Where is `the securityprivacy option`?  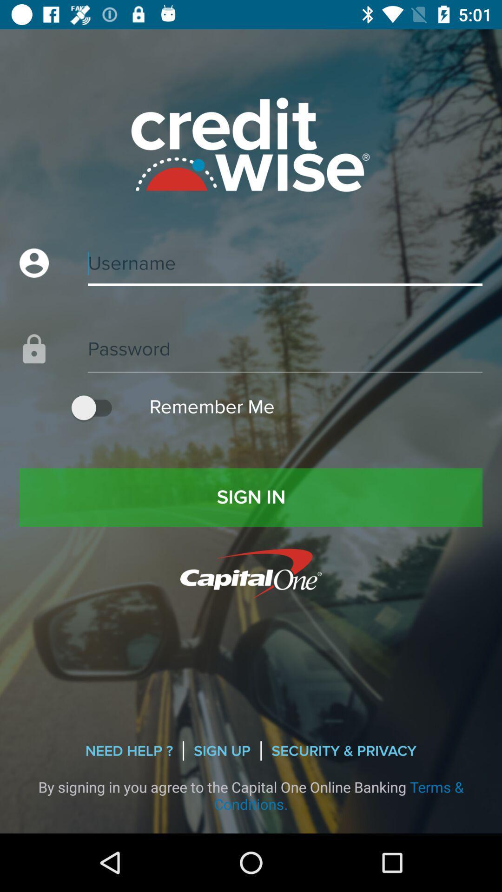 the securityprivacy option is located at coordinates (344, 751).